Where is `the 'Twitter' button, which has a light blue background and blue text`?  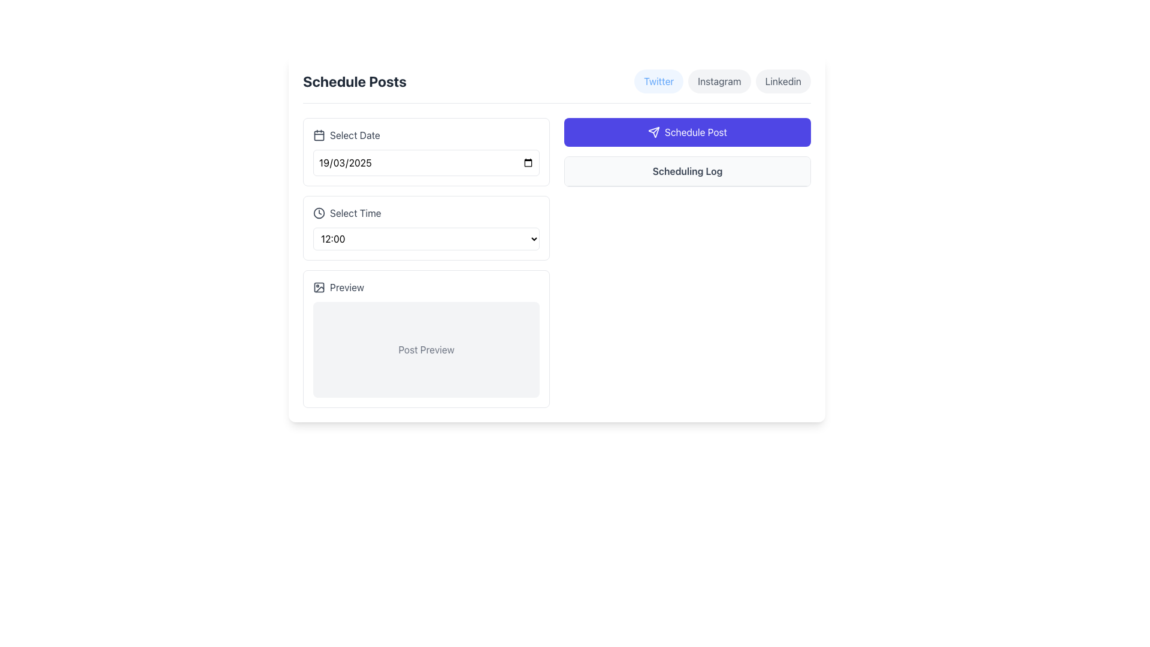
the 'Twitter' button, which has a light blue background and blue text is located at coordinates (658, 81).